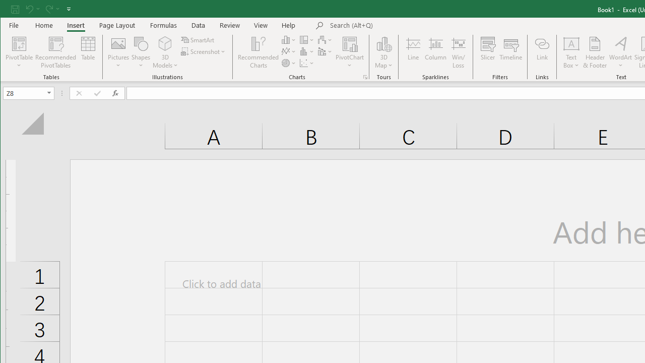 Image resolution: width=645 pixels, height=363 pixels. I want to click on 'Line', so click(413, 52).